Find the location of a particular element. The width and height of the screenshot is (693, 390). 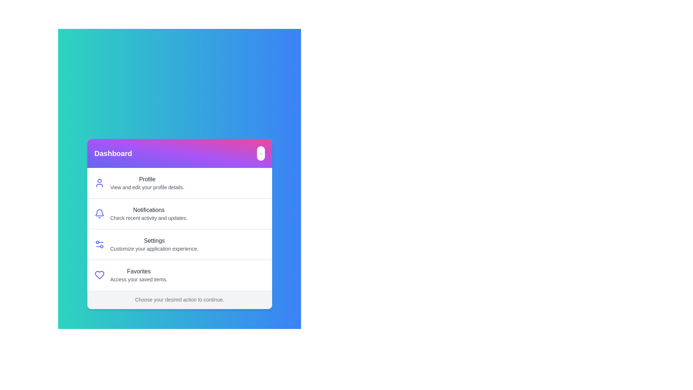

the toggle button to toggle the menu visibility is located at coordinates (260, 153).